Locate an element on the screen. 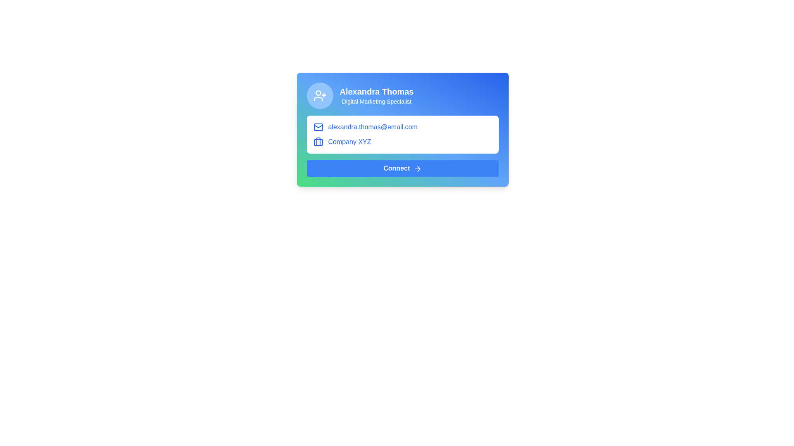 The image size is (794, 446). the 'Company XYZ' text label displayed in blue sans-serif font, located in the second row of the card under the user's email, alongside a briefcase icon is located at coordinates (349, 141).